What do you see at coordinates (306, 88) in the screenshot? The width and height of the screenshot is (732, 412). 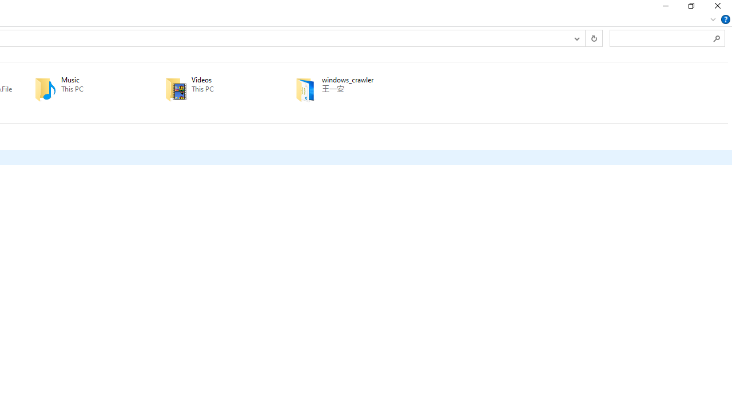 I see `'Class: UIImage'` at bounding box center [306, 88].